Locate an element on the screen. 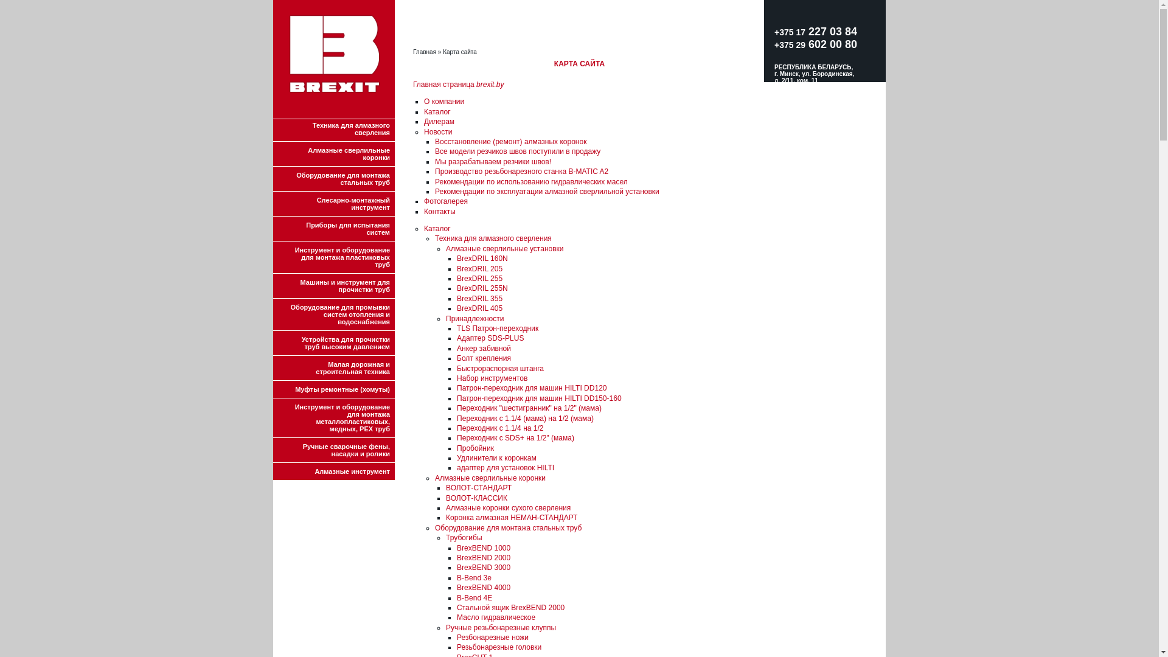  'BrexDRIL 355' is located at coordinates (479, 298).